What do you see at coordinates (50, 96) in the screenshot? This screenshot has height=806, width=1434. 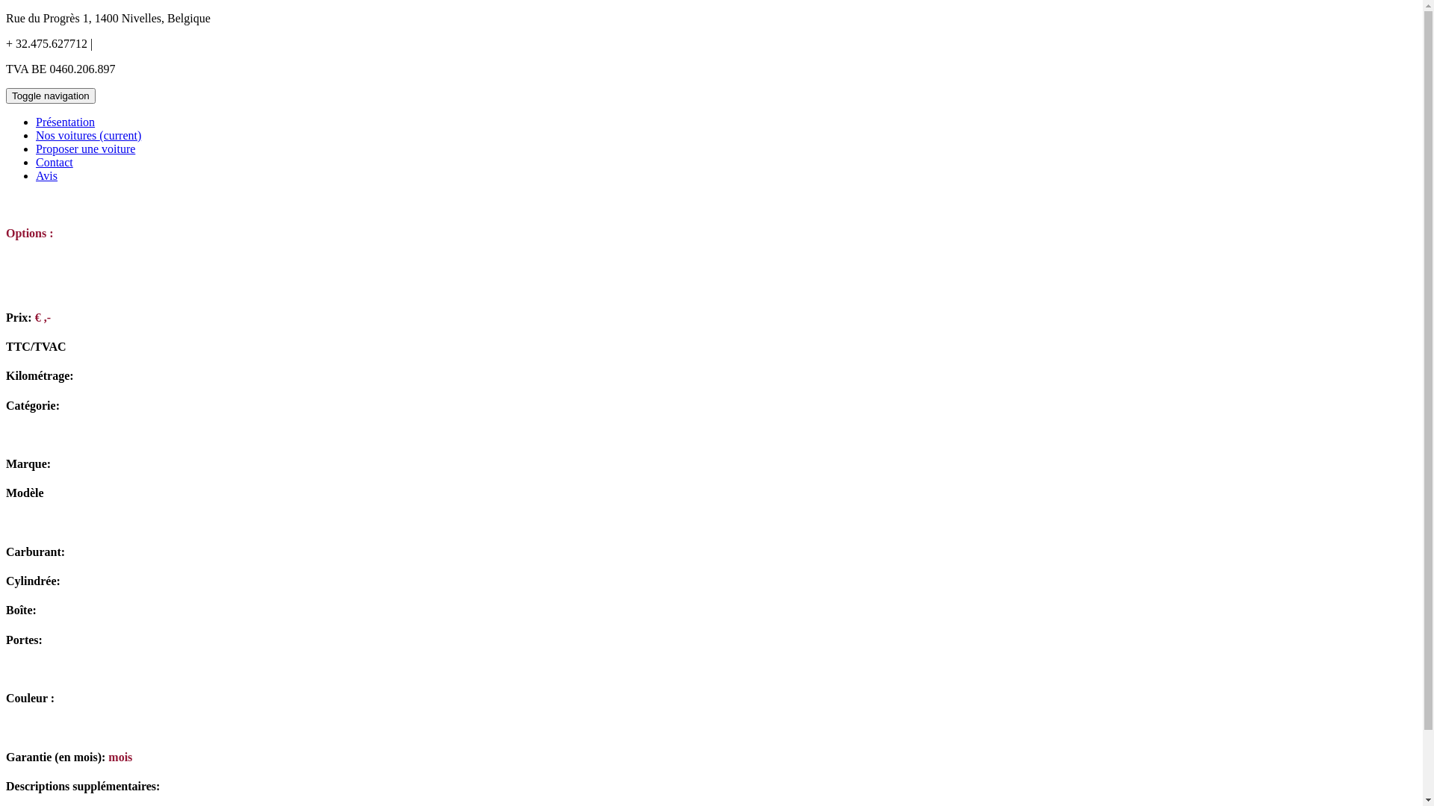 I see `'Toggle navigation'` at bounding box center [50, 96].